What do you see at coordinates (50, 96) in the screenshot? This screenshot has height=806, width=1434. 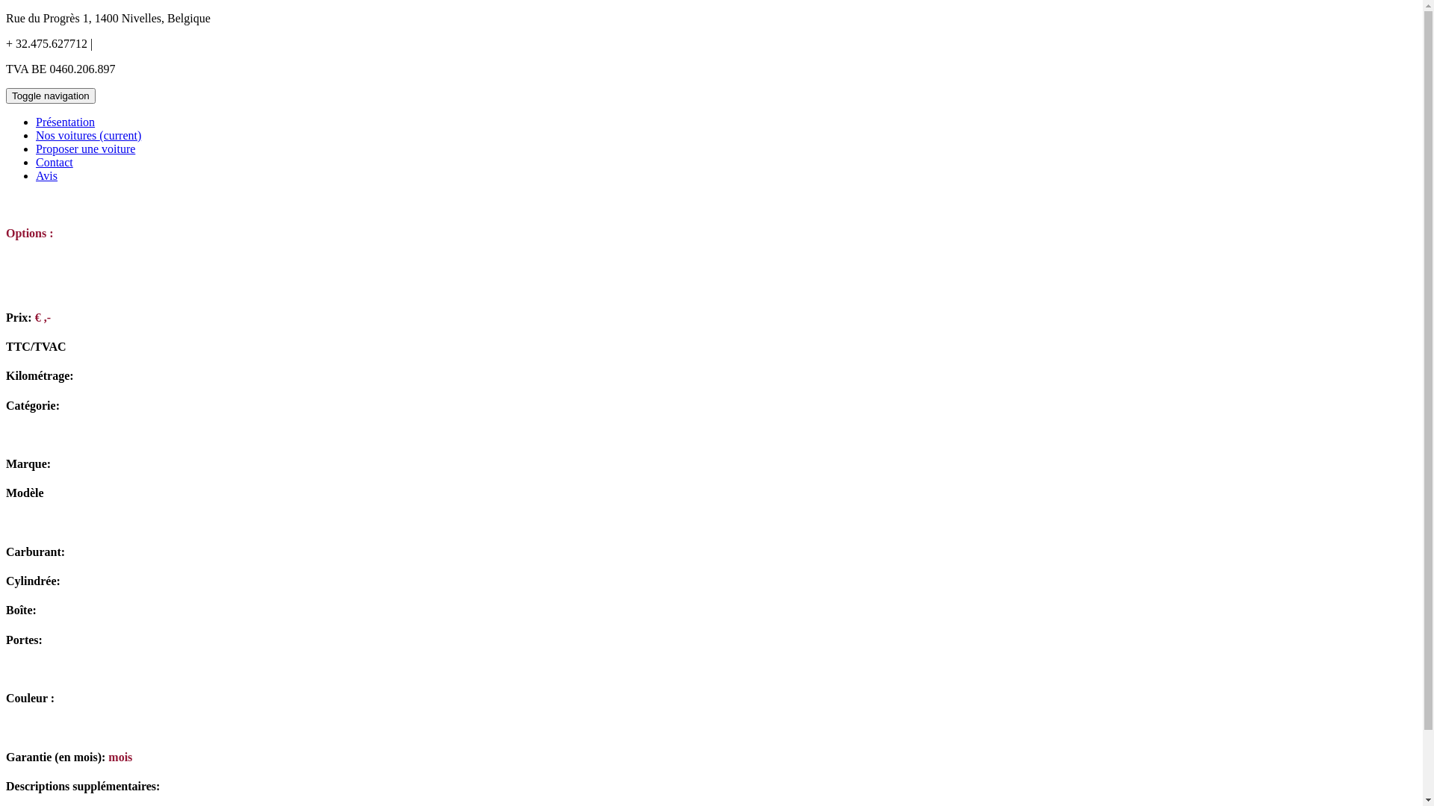 I see `'Toggle navigation'` at bounding box center [50, 96].